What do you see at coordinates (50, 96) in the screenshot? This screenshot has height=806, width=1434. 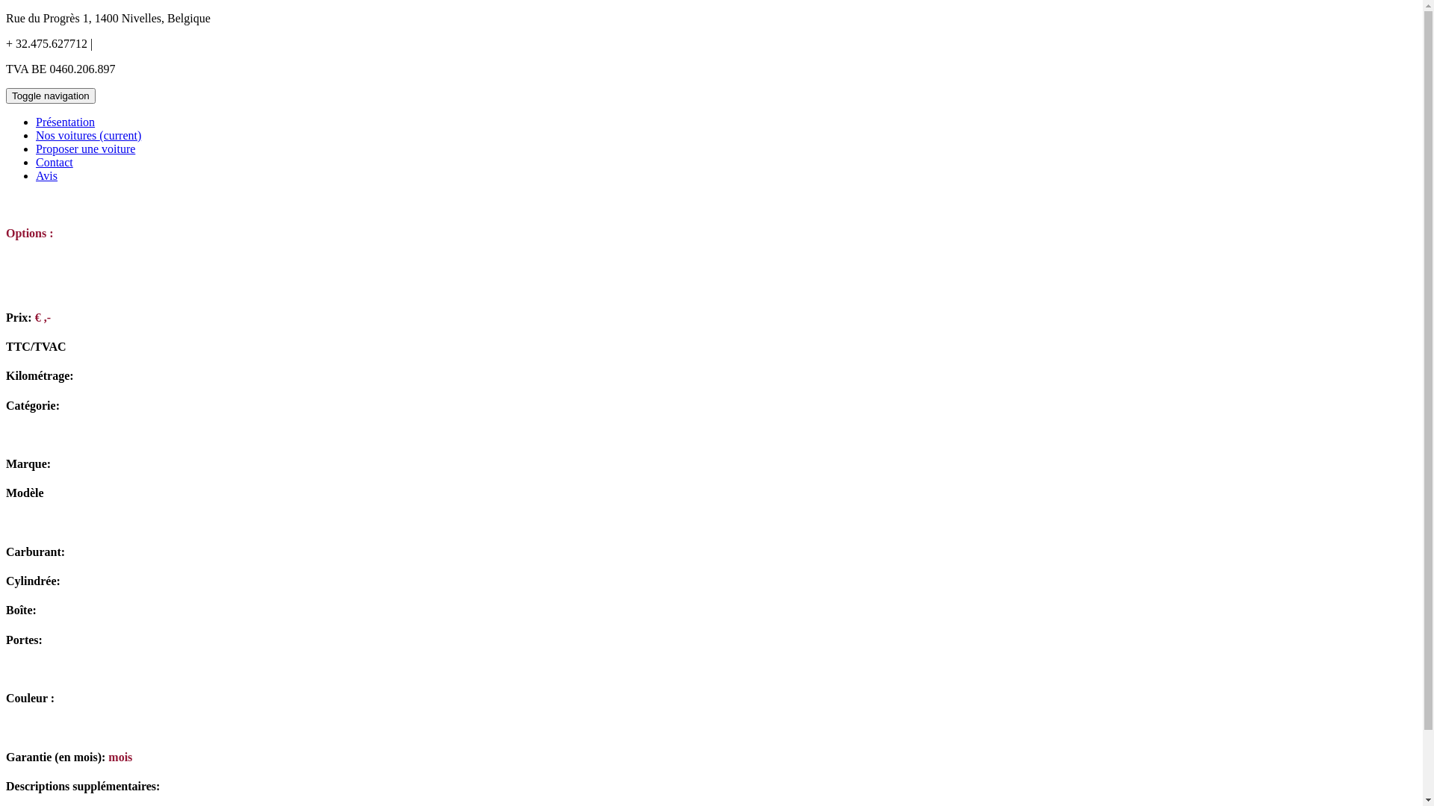 I see `'Toggle navigation'` at bounding box center [50, 96].